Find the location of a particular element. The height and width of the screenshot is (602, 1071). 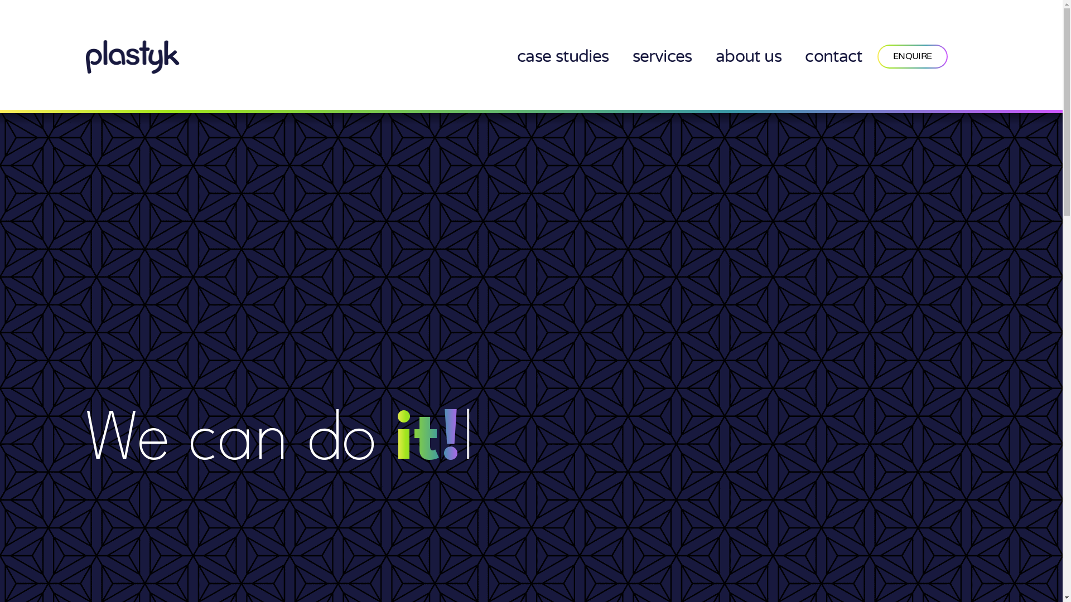

'case studies' is located at coordinates (563, 56).